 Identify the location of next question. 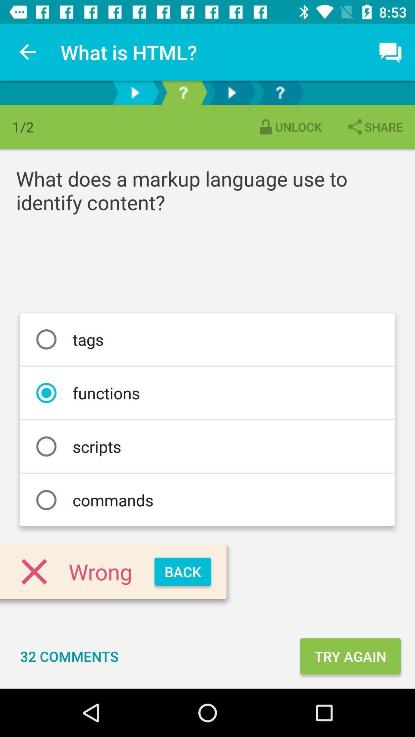
(280, 92).